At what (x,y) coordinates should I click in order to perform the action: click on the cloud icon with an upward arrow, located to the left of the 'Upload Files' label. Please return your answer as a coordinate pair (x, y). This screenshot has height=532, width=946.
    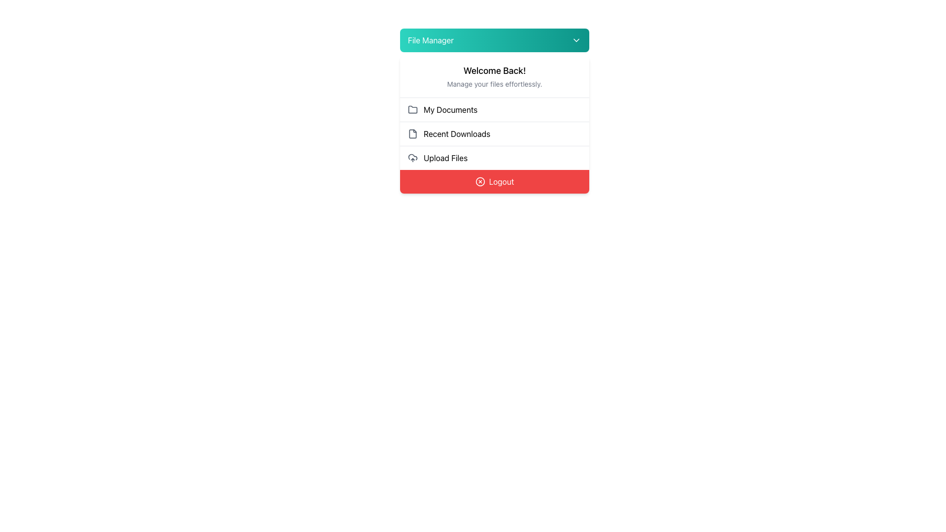
    Looking at the image, I should click on (413, 157).